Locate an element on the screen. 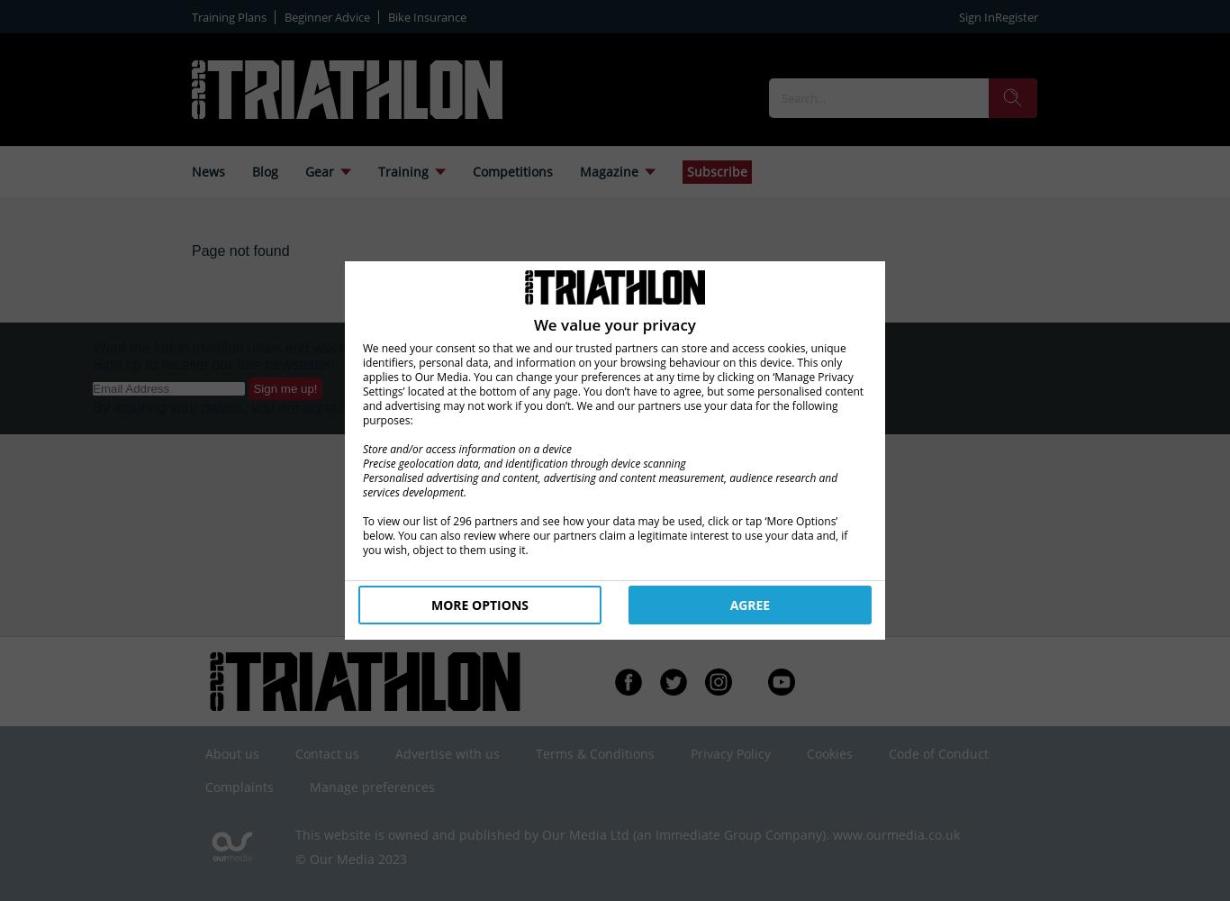 This screenshot has height=901, width=1230. 'Advertise with us' is located at coordinates (447, 752).